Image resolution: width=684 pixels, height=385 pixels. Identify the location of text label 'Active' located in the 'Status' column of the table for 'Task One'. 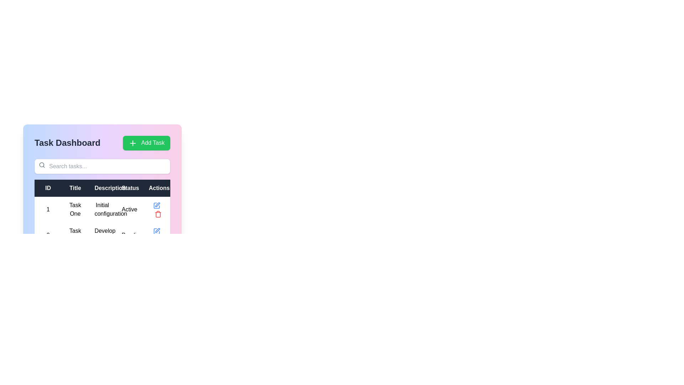
(129, 209).